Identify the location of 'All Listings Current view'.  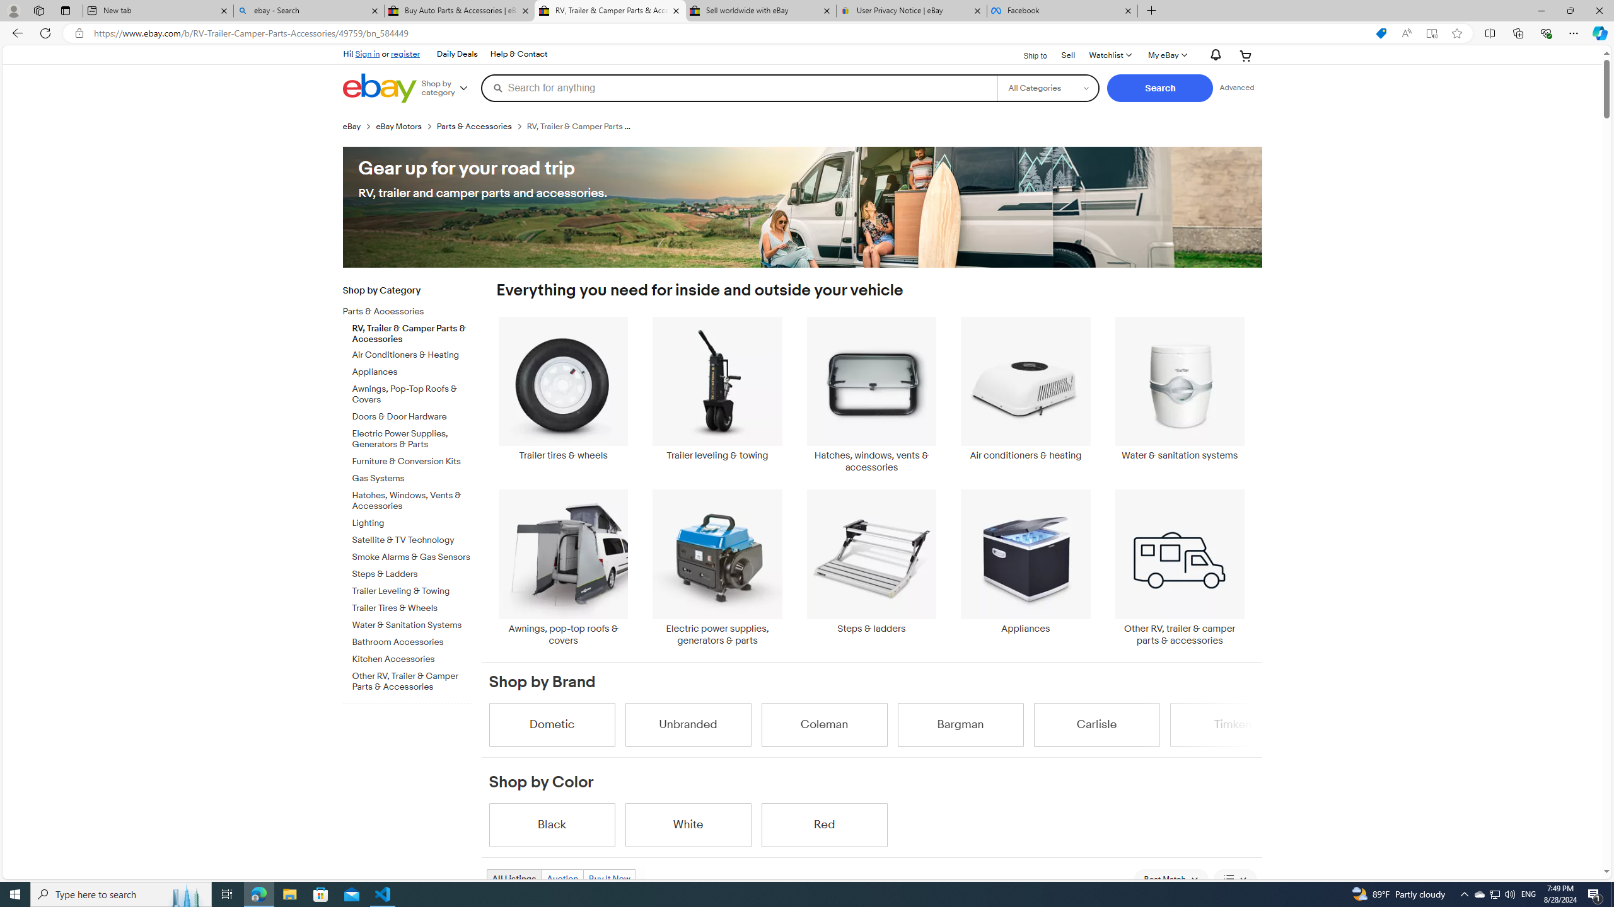
(514, 878).